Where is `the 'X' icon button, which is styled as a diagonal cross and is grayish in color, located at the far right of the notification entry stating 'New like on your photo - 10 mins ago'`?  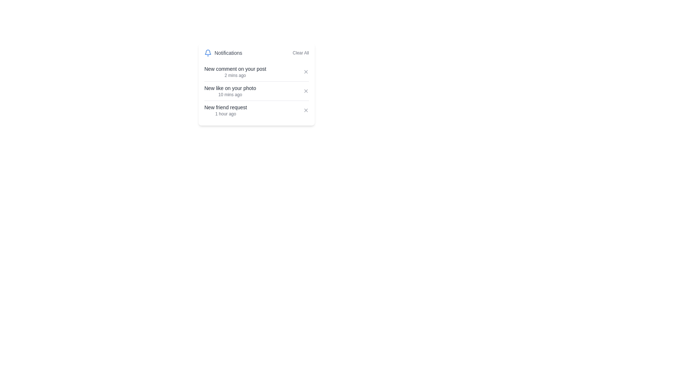 the 'X' icon button, which is styled as a diagonal cross and is grayish in color, located at the far right of the notification entry stating 'New like on your photo - 10 mins ago' is located at coordinates (306, 90).